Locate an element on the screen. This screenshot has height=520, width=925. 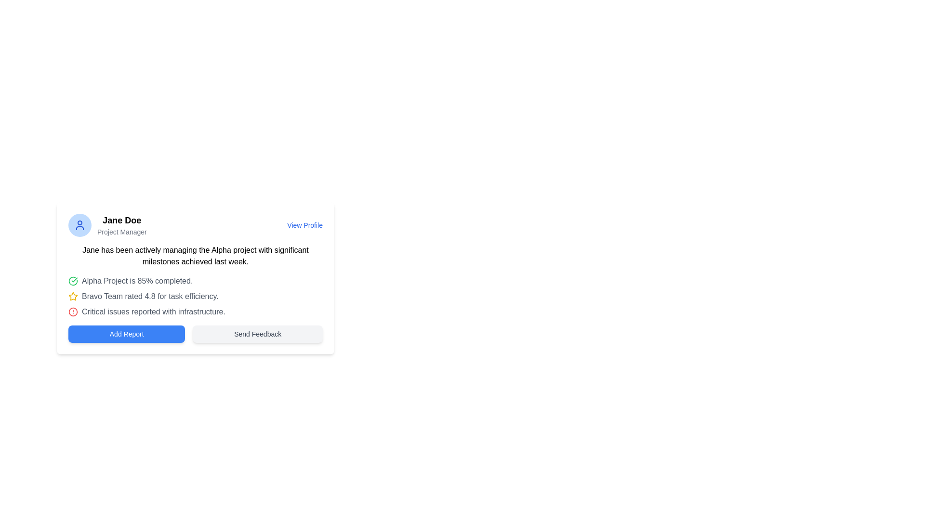
information from the informative row that indicates the rating of 'Bravo Team' with a task efficiency score of 4.8, which is the second item in the vertical list of informational items is located at coordinates (195, 296).